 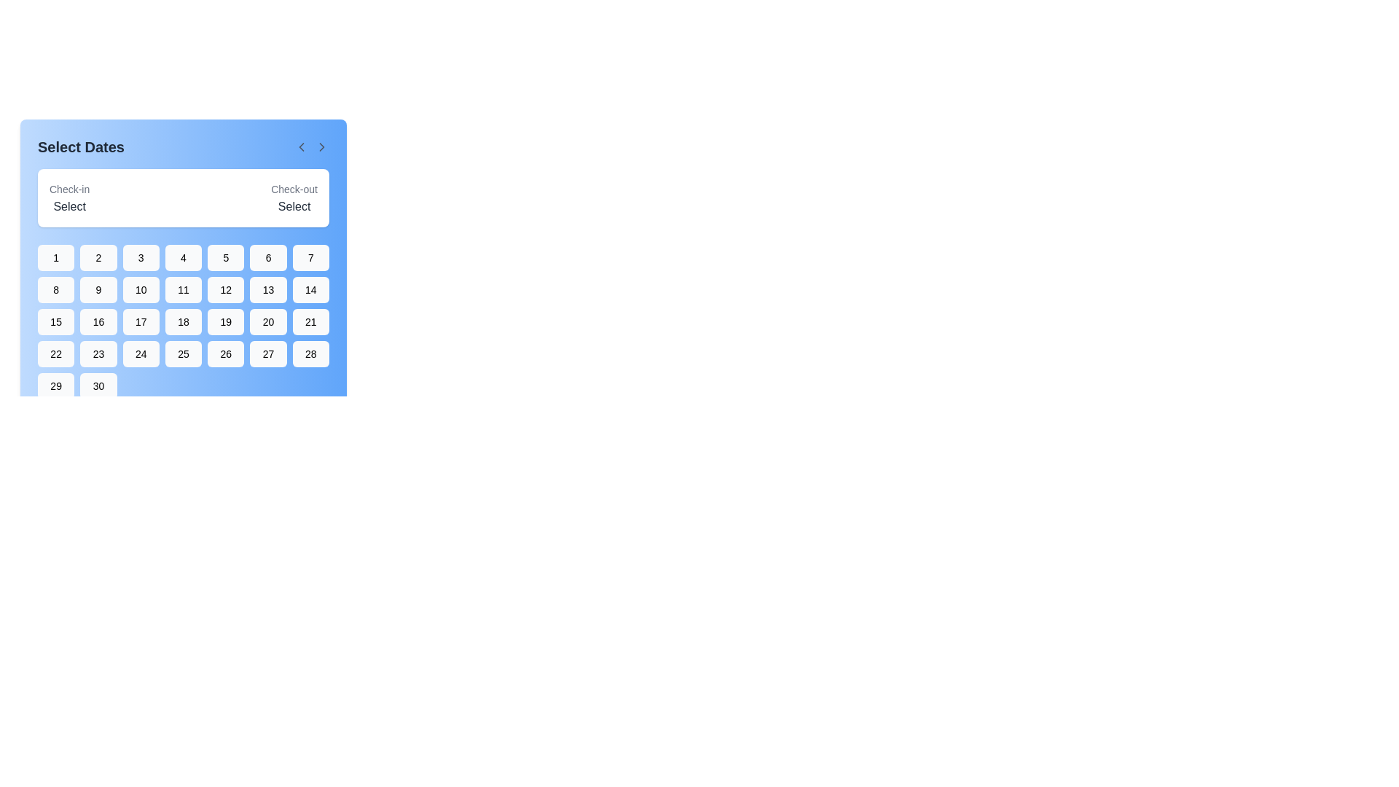 What do you see at coordinates (56, 289) in the screenshot?
I see `the date selection button labeled '8' in the calendar grid` at bounding box center [56, 289].